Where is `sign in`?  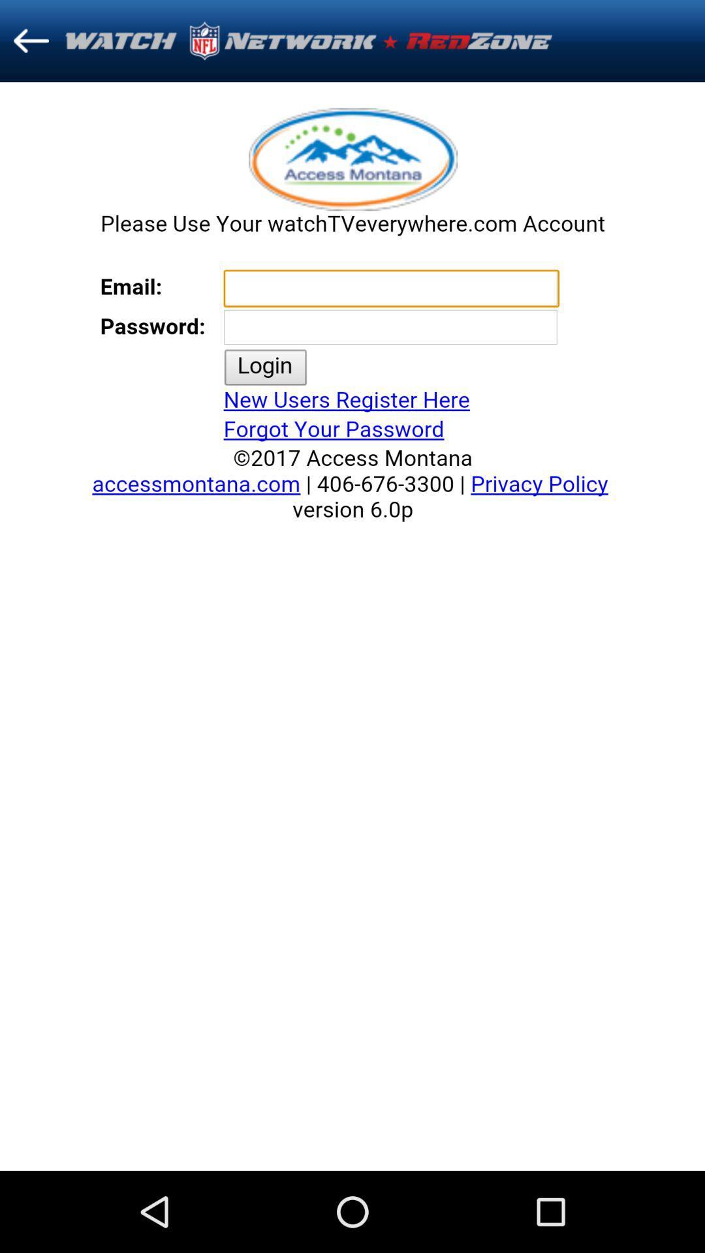
sign in is located at coordinates (352, 626).